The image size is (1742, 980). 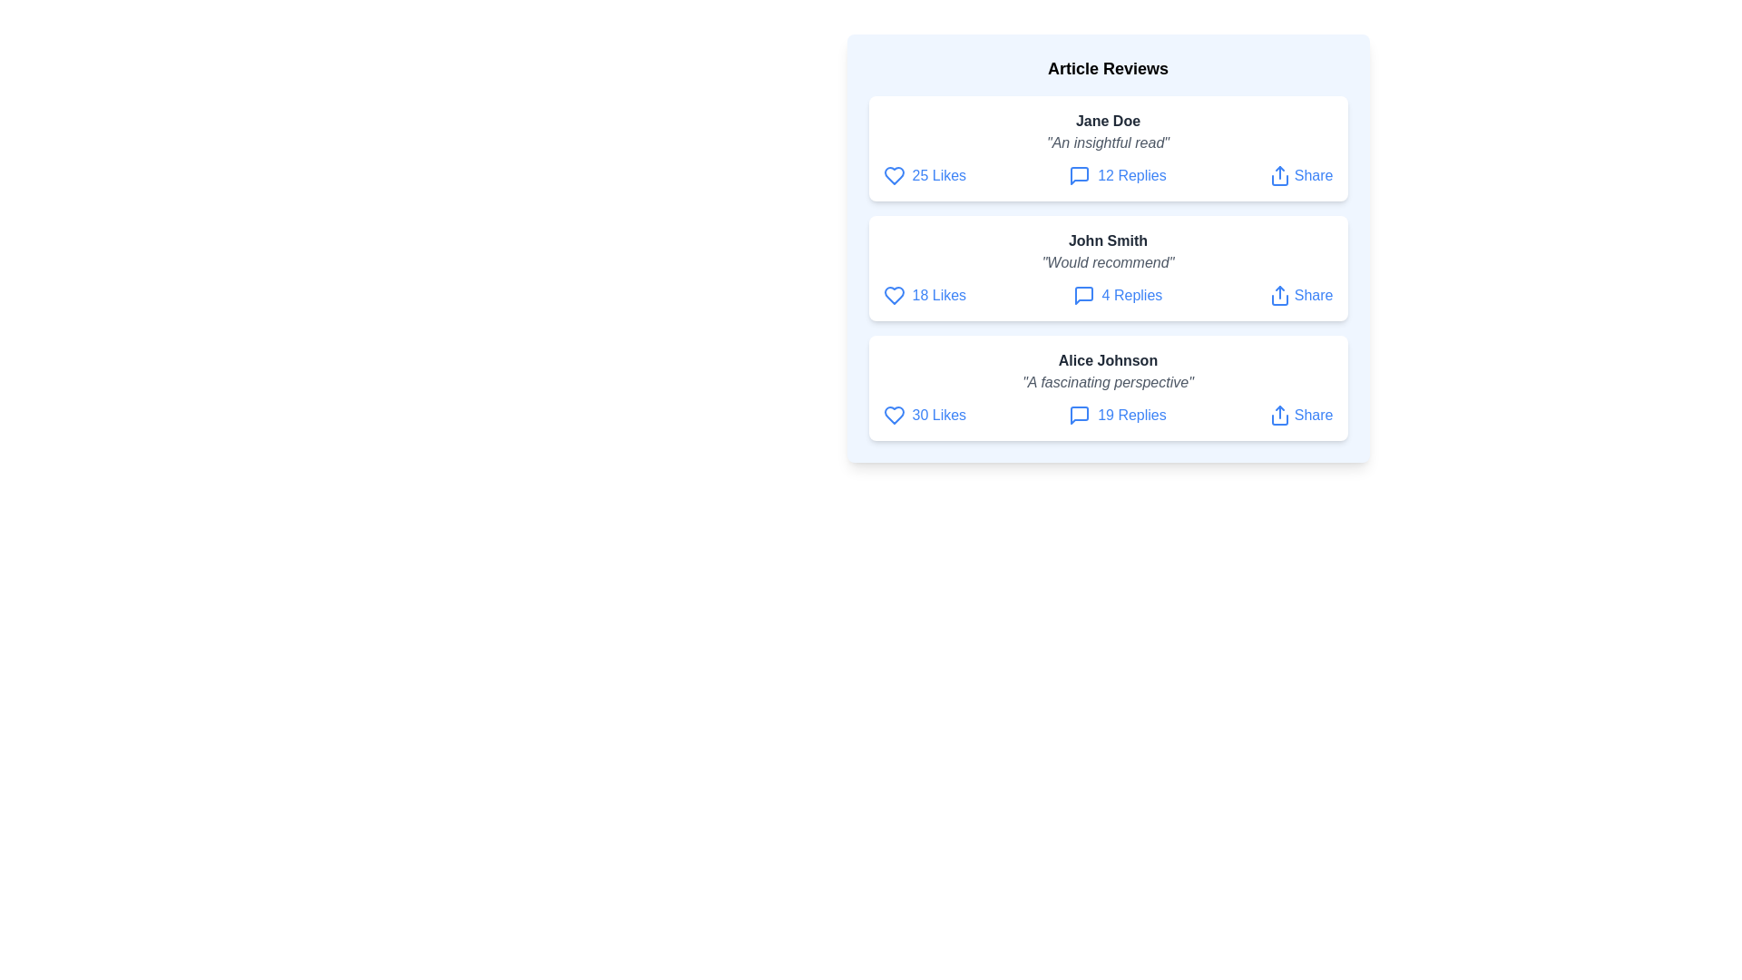 I want to click on the replies button for the review by Alice Johnson, so click(x=1116, y=416).